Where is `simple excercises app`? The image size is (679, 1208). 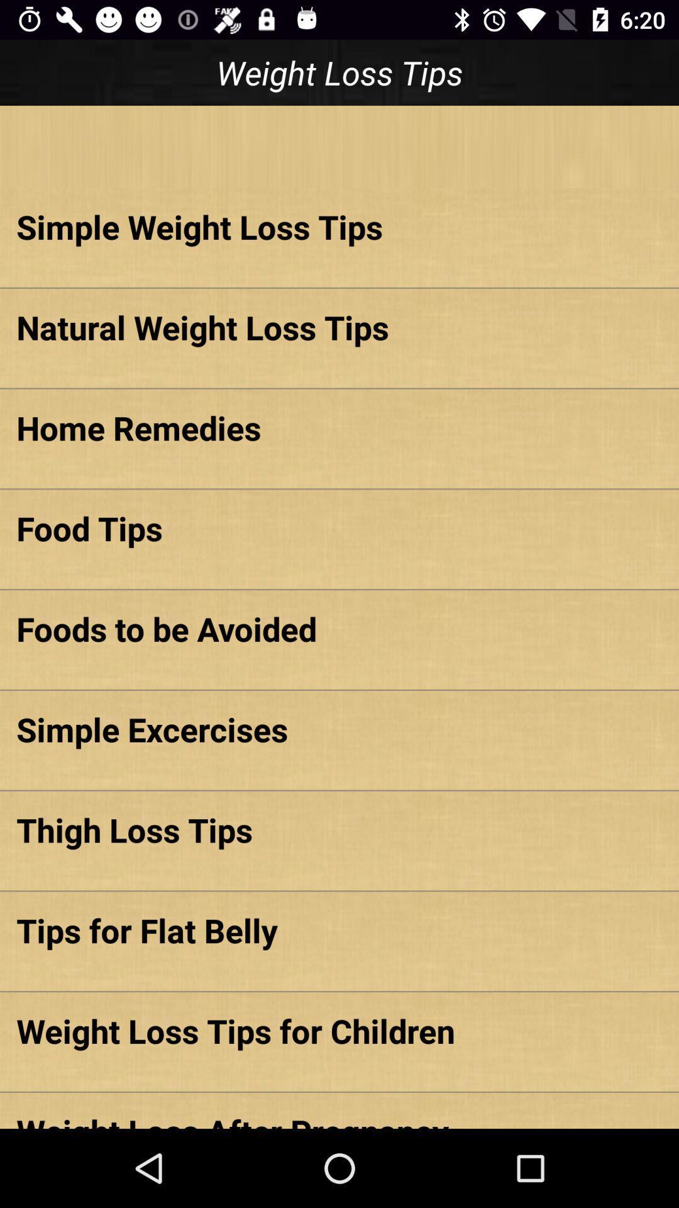
simple excercises app is located at coordinates (339, 729).